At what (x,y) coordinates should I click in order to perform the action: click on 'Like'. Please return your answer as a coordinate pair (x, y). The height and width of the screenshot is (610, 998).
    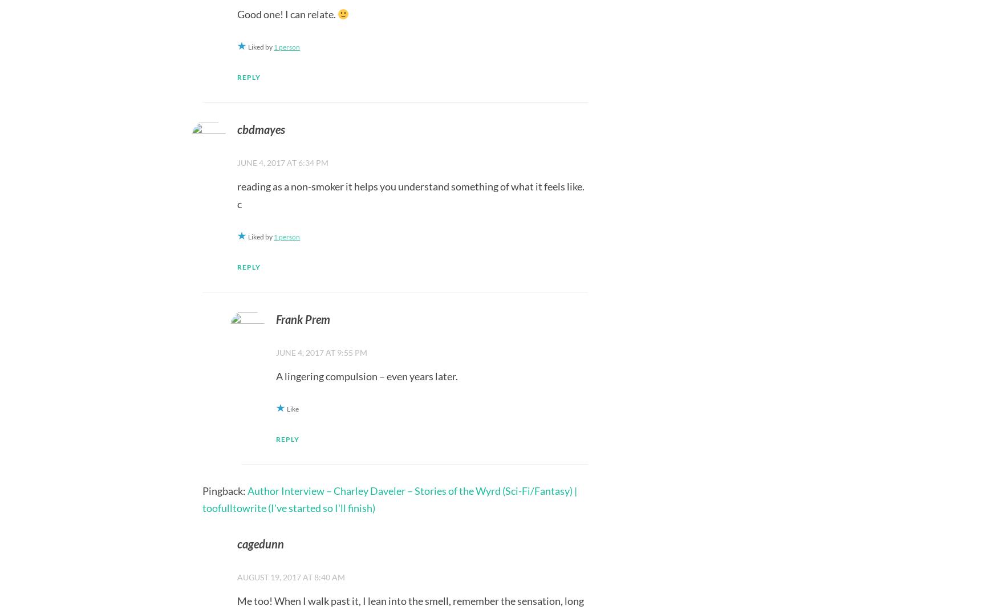
    Looking at the image, I should click on (291, 408).